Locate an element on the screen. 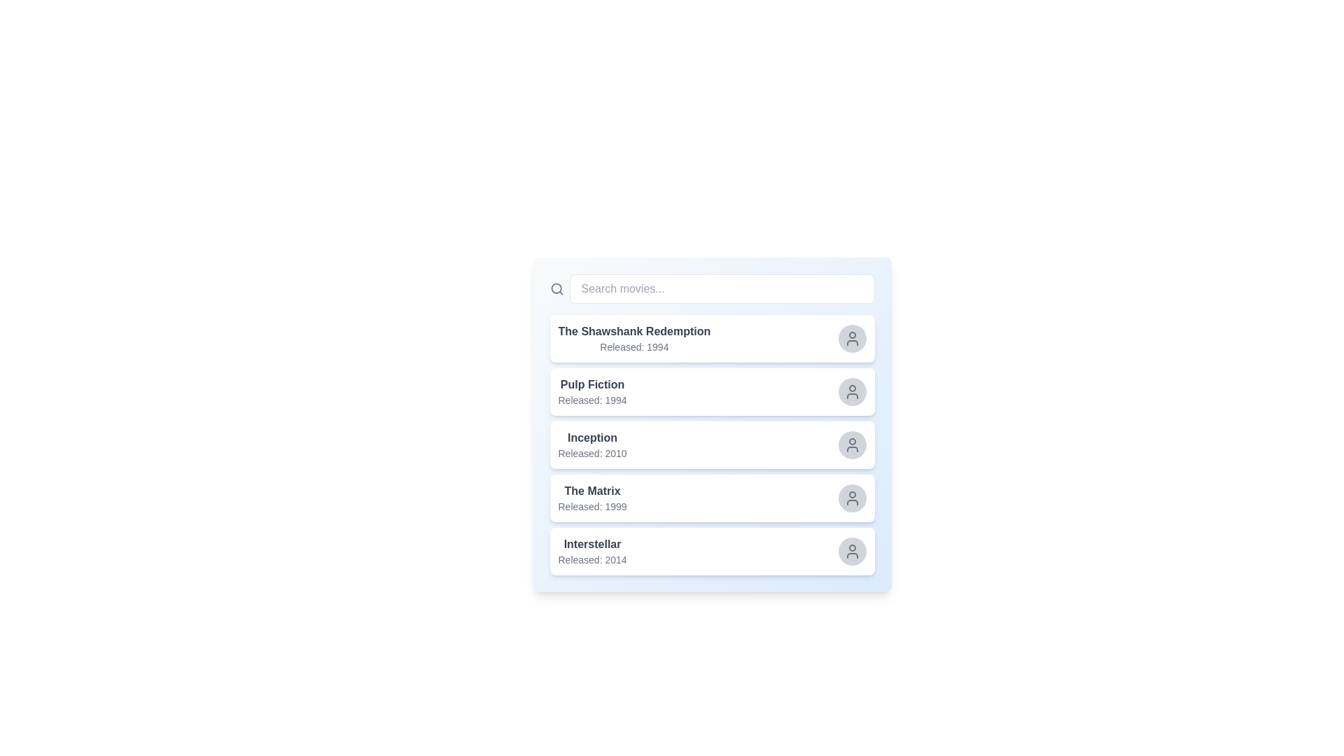 The width and height of the screenshot is (1344, 756). the user profile icon located at the bottom-right of the 'Interstellar' list item is located at coordinates (851, 550).